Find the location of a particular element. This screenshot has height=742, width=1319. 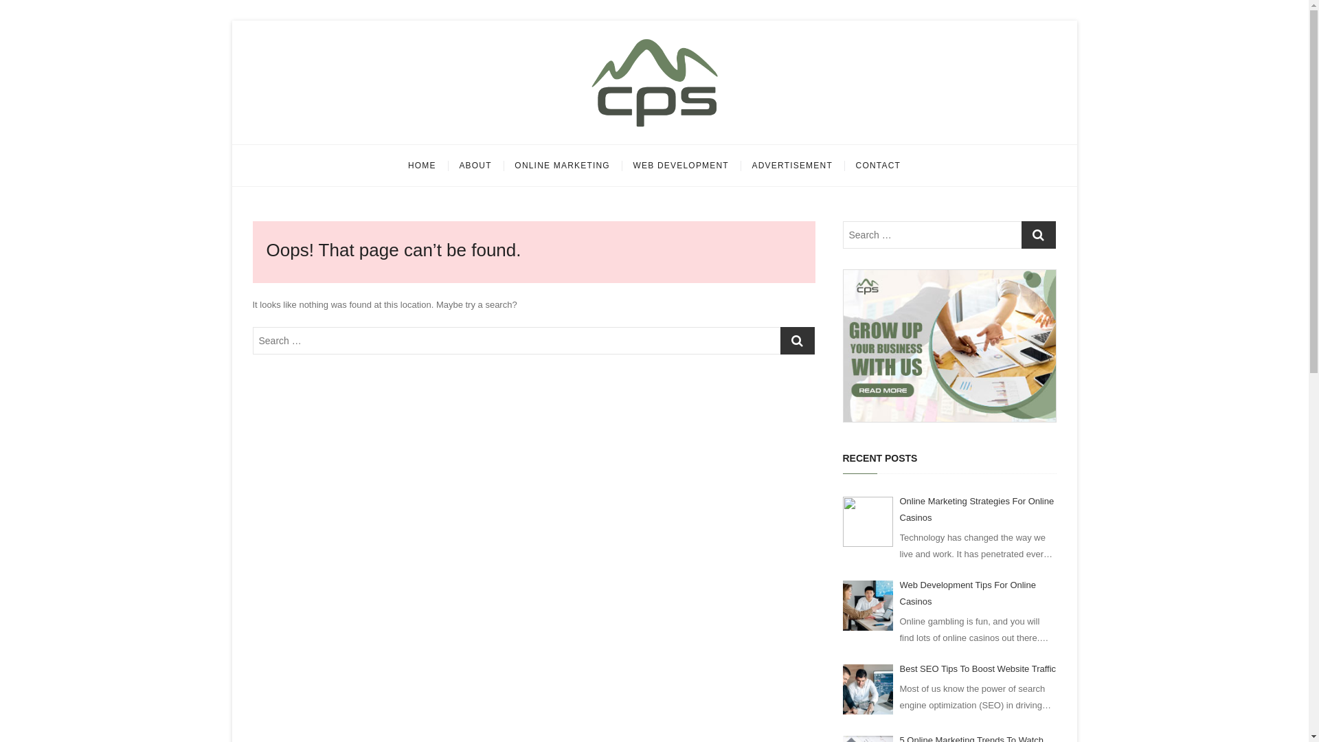

'WEB DEVELOPMENT' is located at coordinates (681, 164).